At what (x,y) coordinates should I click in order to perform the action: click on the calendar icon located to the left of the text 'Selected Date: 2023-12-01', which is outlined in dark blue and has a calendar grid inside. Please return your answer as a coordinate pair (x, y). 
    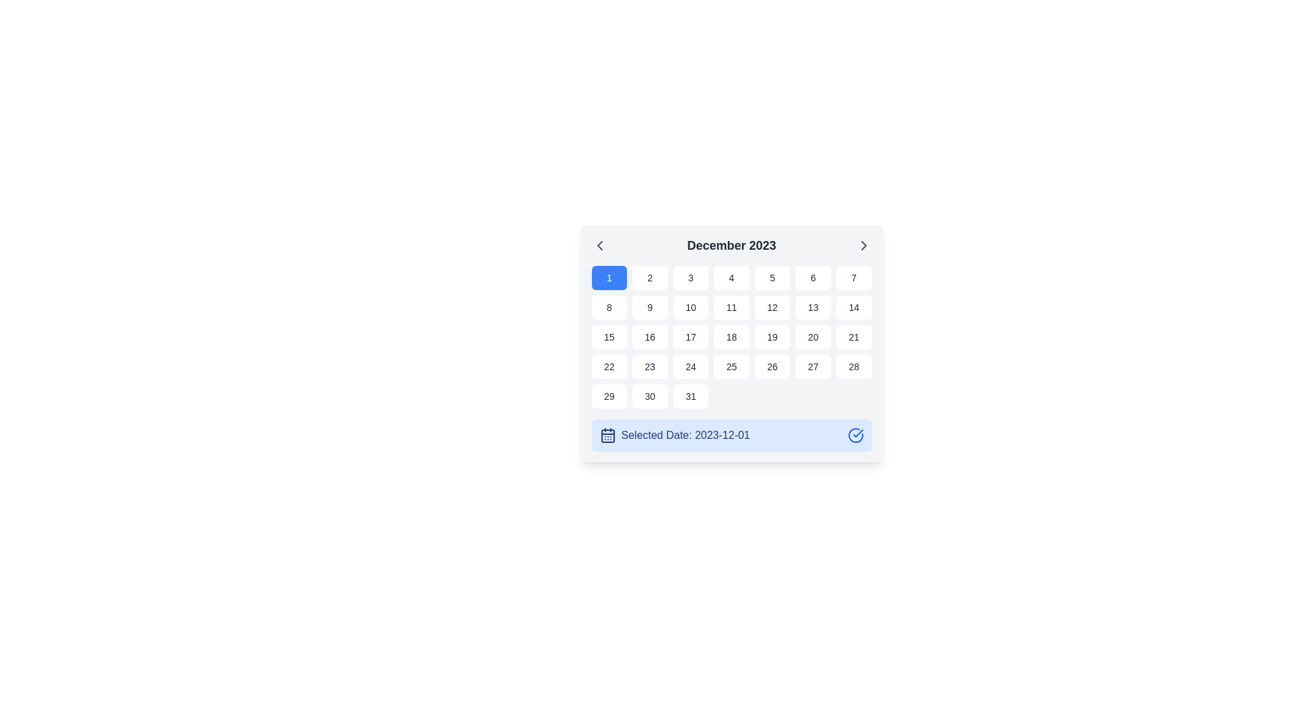
    Looking at the image, I should click on (607, 436).